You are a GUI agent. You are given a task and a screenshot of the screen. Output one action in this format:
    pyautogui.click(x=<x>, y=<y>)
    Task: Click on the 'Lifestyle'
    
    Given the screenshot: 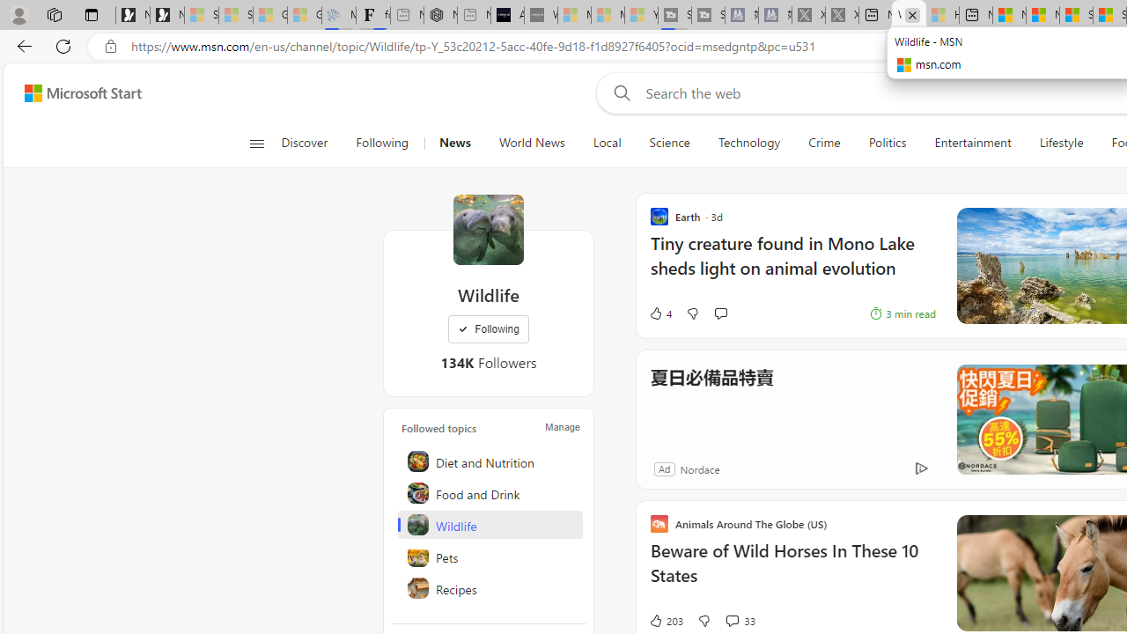 What is the action you would take?
    pyautogui.click(x=1060, y=143)
    